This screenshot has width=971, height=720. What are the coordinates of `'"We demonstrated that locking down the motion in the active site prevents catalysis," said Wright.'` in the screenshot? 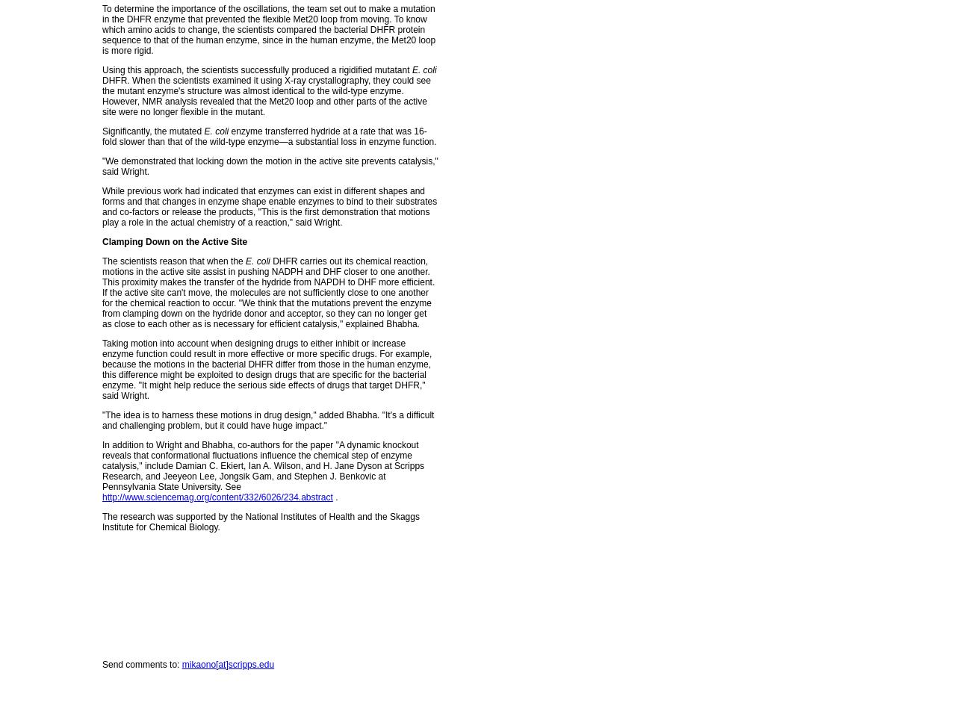 It's located at (269, 166).